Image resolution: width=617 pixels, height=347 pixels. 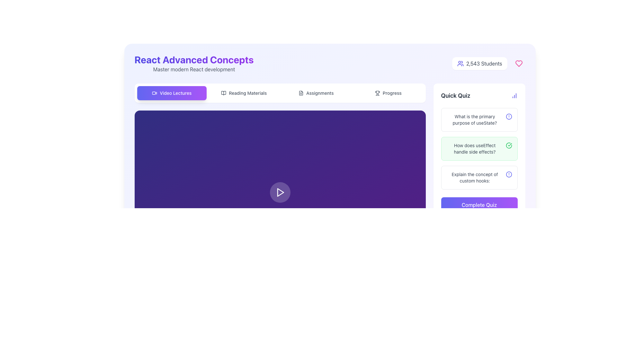 I want to click on the navigation button for video lectures, which is the first button from the left in the horizontal bar located below the title 'React Advanced Concepts', so click(x=172, y=93).